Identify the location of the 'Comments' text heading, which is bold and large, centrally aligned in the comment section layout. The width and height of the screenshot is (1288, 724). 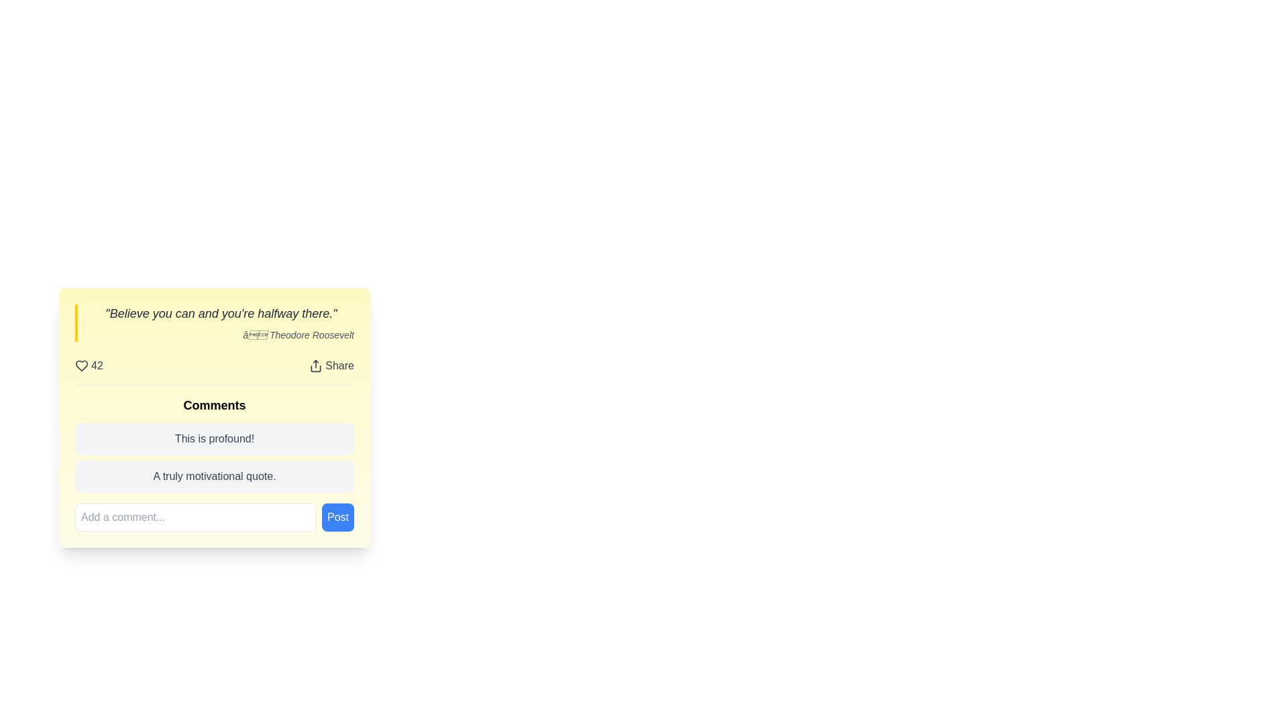
(215, 405).